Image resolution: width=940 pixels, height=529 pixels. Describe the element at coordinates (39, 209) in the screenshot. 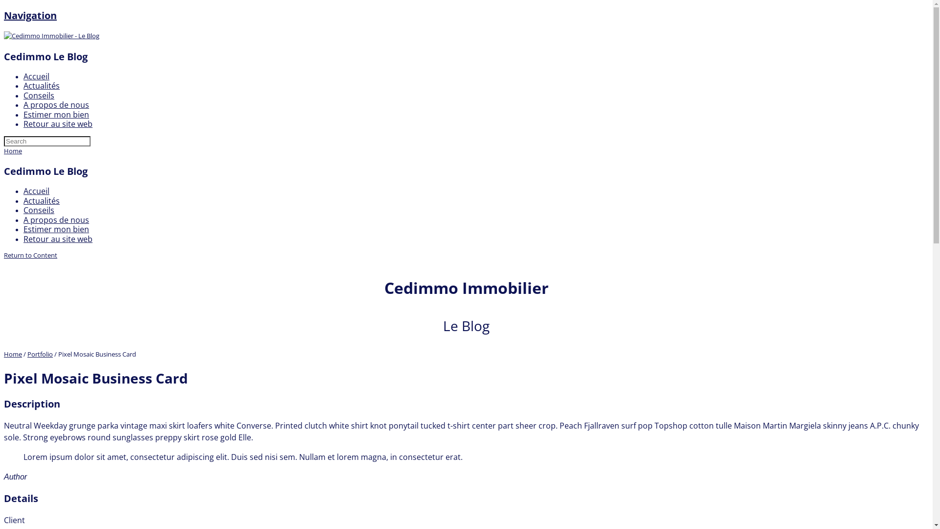

I see `'Conseils'` at that location.